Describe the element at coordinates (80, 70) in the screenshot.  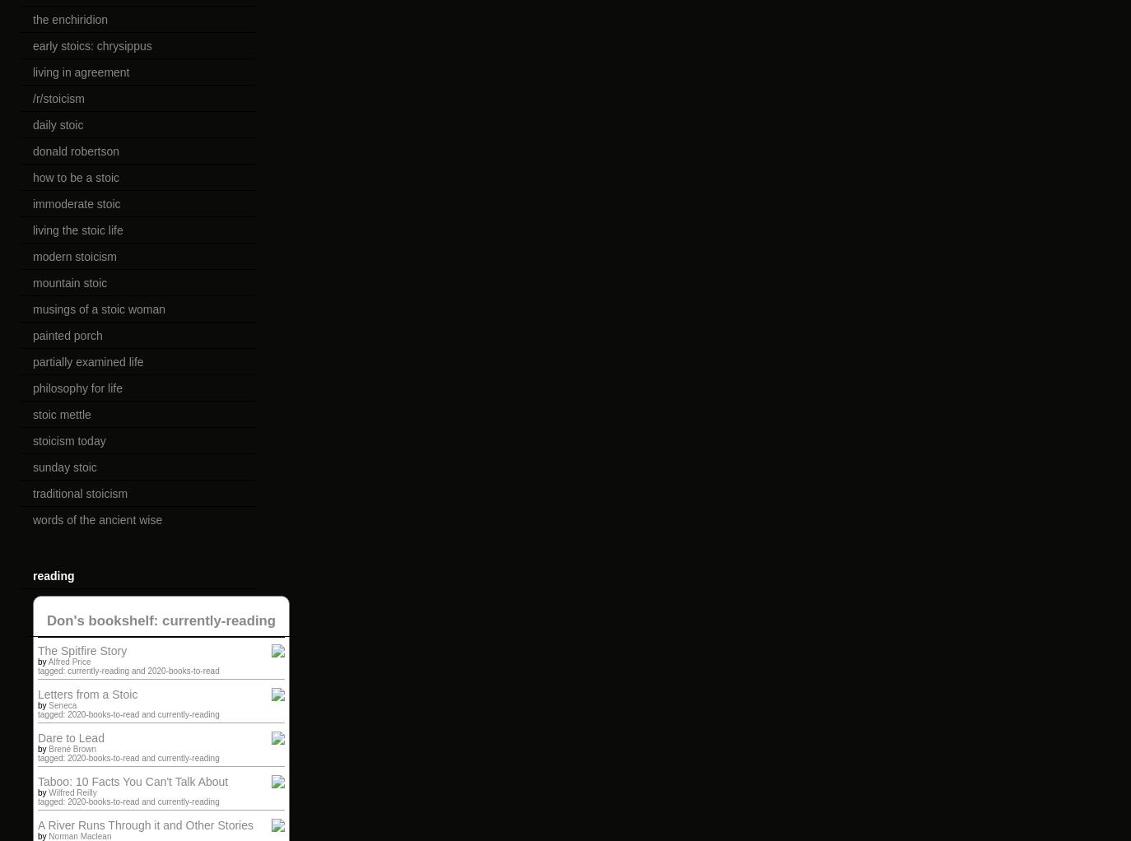
I see `'living in agreement'` at that location.